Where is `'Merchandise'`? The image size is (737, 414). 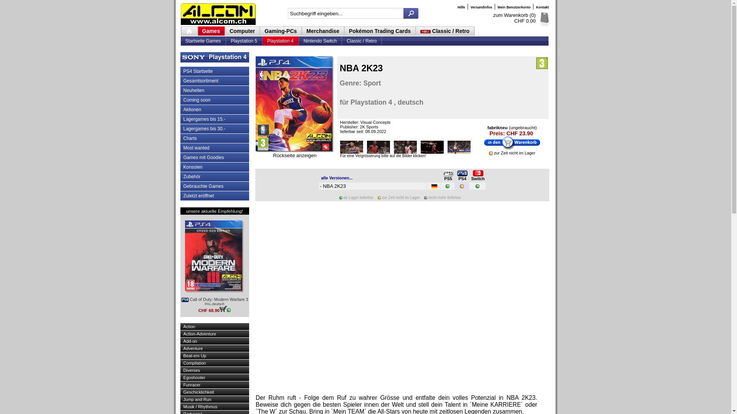 'Merchandise' is located at coordinates (323, 31).